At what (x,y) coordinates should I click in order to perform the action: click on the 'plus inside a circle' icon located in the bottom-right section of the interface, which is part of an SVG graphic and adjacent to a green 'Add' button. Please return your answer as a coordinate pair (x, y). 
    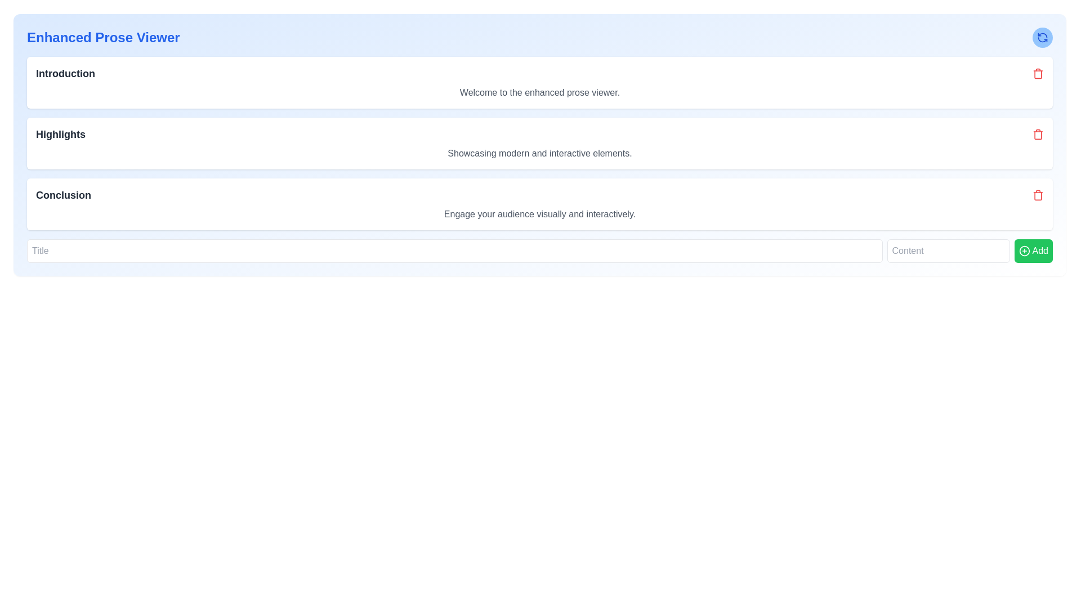
    Looking at the image, I should click on (1024, 251).